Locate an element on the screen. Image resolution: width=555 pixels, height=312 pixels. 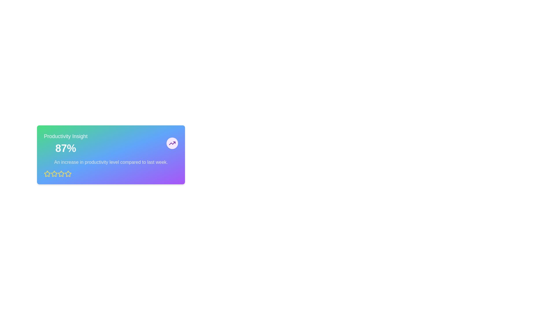
the second star icon outlined in yellow, which is part of a horizontal row of five stars below the 'Productivity Insight' heading is located at coordinates (54, 173).